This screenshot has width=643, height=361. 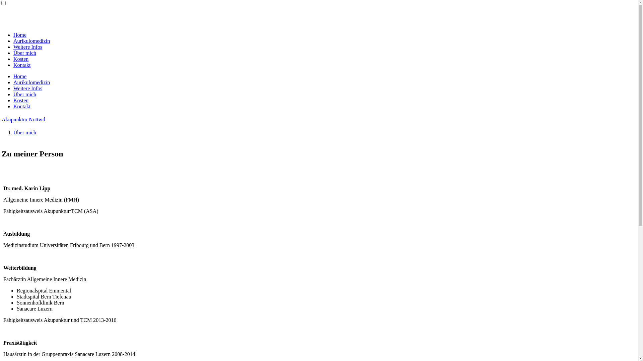 I want to click on 'Kontakt', so click(x=13, y=65).